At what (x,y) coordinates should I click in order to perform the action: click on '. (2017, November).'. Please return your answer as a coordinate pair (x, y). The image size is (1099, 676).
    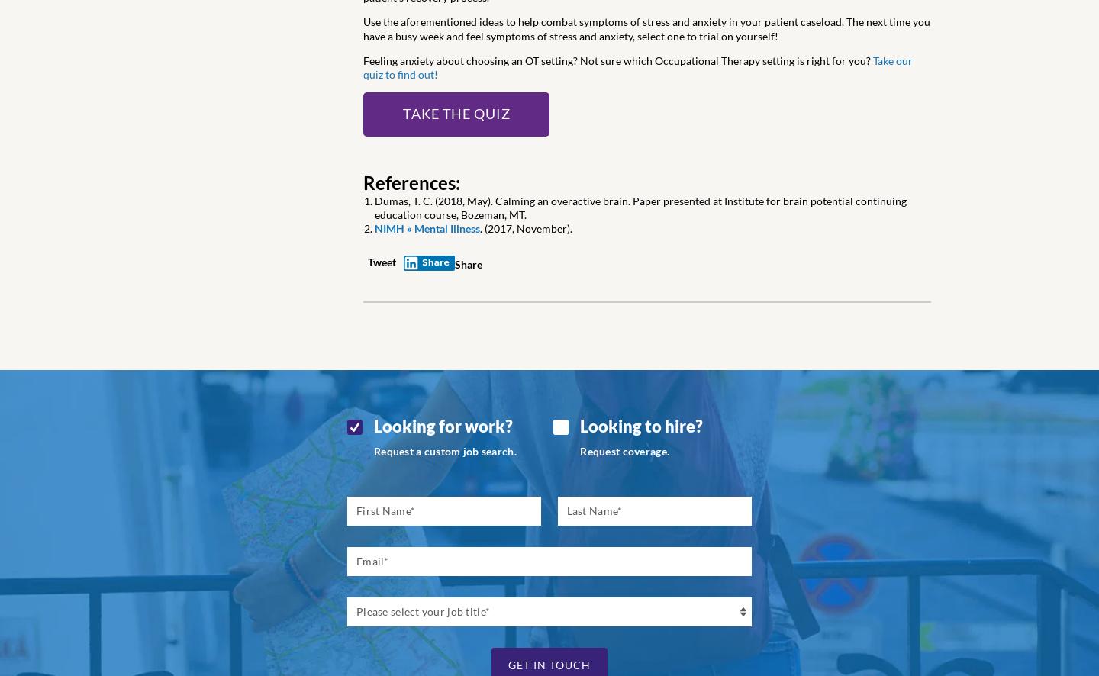
    Looking at the image, I should click on (526, 228).